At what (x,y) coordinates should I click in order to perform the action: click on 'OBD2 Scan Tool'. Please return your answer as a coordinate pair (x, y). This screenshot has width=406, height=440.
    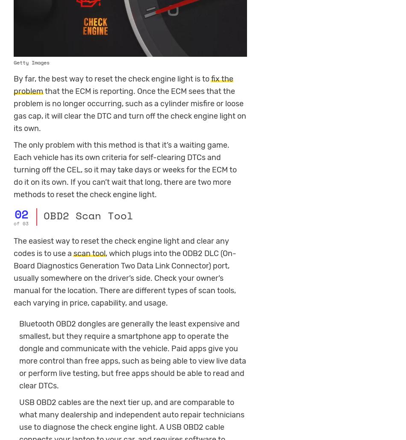
    Looking at the image, I should click on (88, 215).